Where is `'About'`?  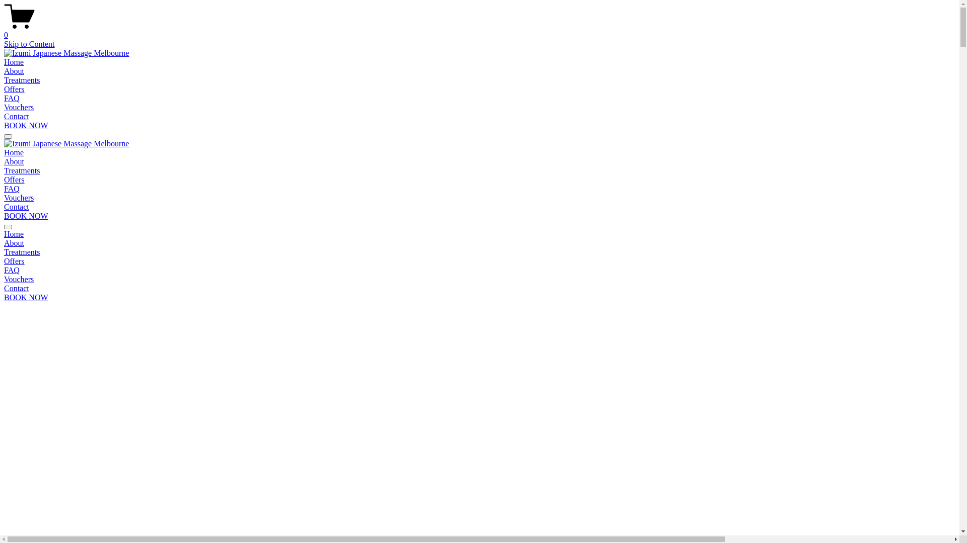
'About' is located at coordinates (14, 70).